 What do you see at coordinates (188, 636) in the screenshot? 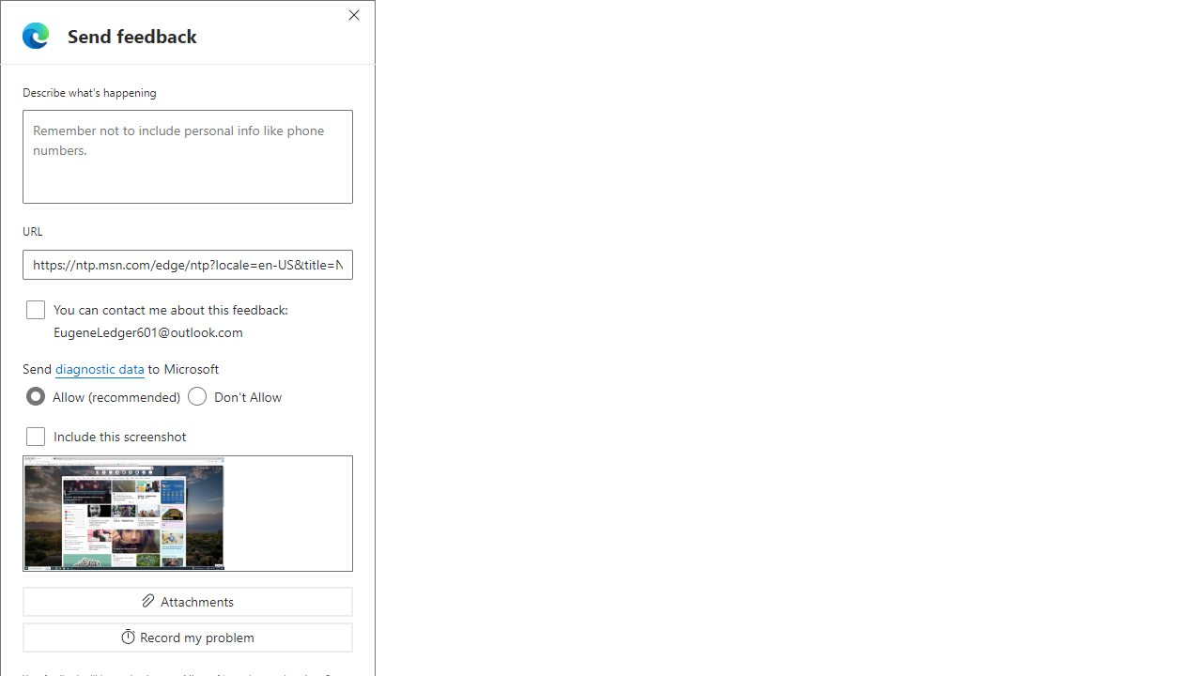
I see `'Record my problem'` at bounding box center [188, 636].